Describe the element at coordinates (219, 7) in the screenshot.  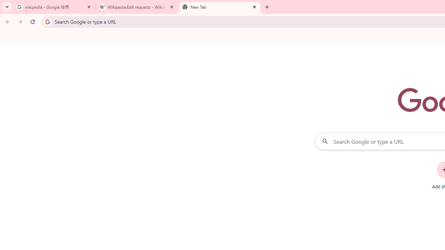
I see `'New Tab'` at that location.